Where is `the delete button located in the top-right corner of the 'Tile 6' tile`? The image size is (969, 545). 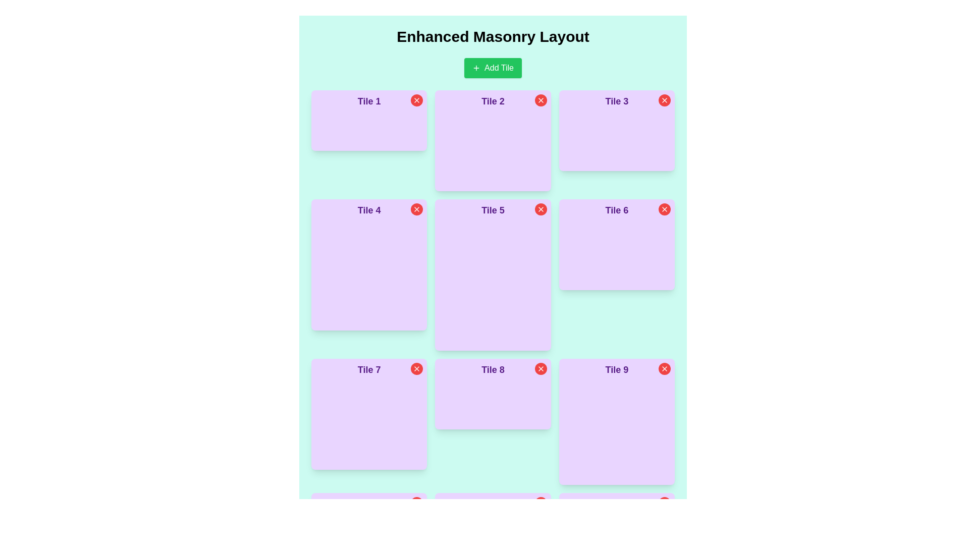 the delete button located in the top-right corner of the 'Tile 6' tile is located at coordinates (664, 209).